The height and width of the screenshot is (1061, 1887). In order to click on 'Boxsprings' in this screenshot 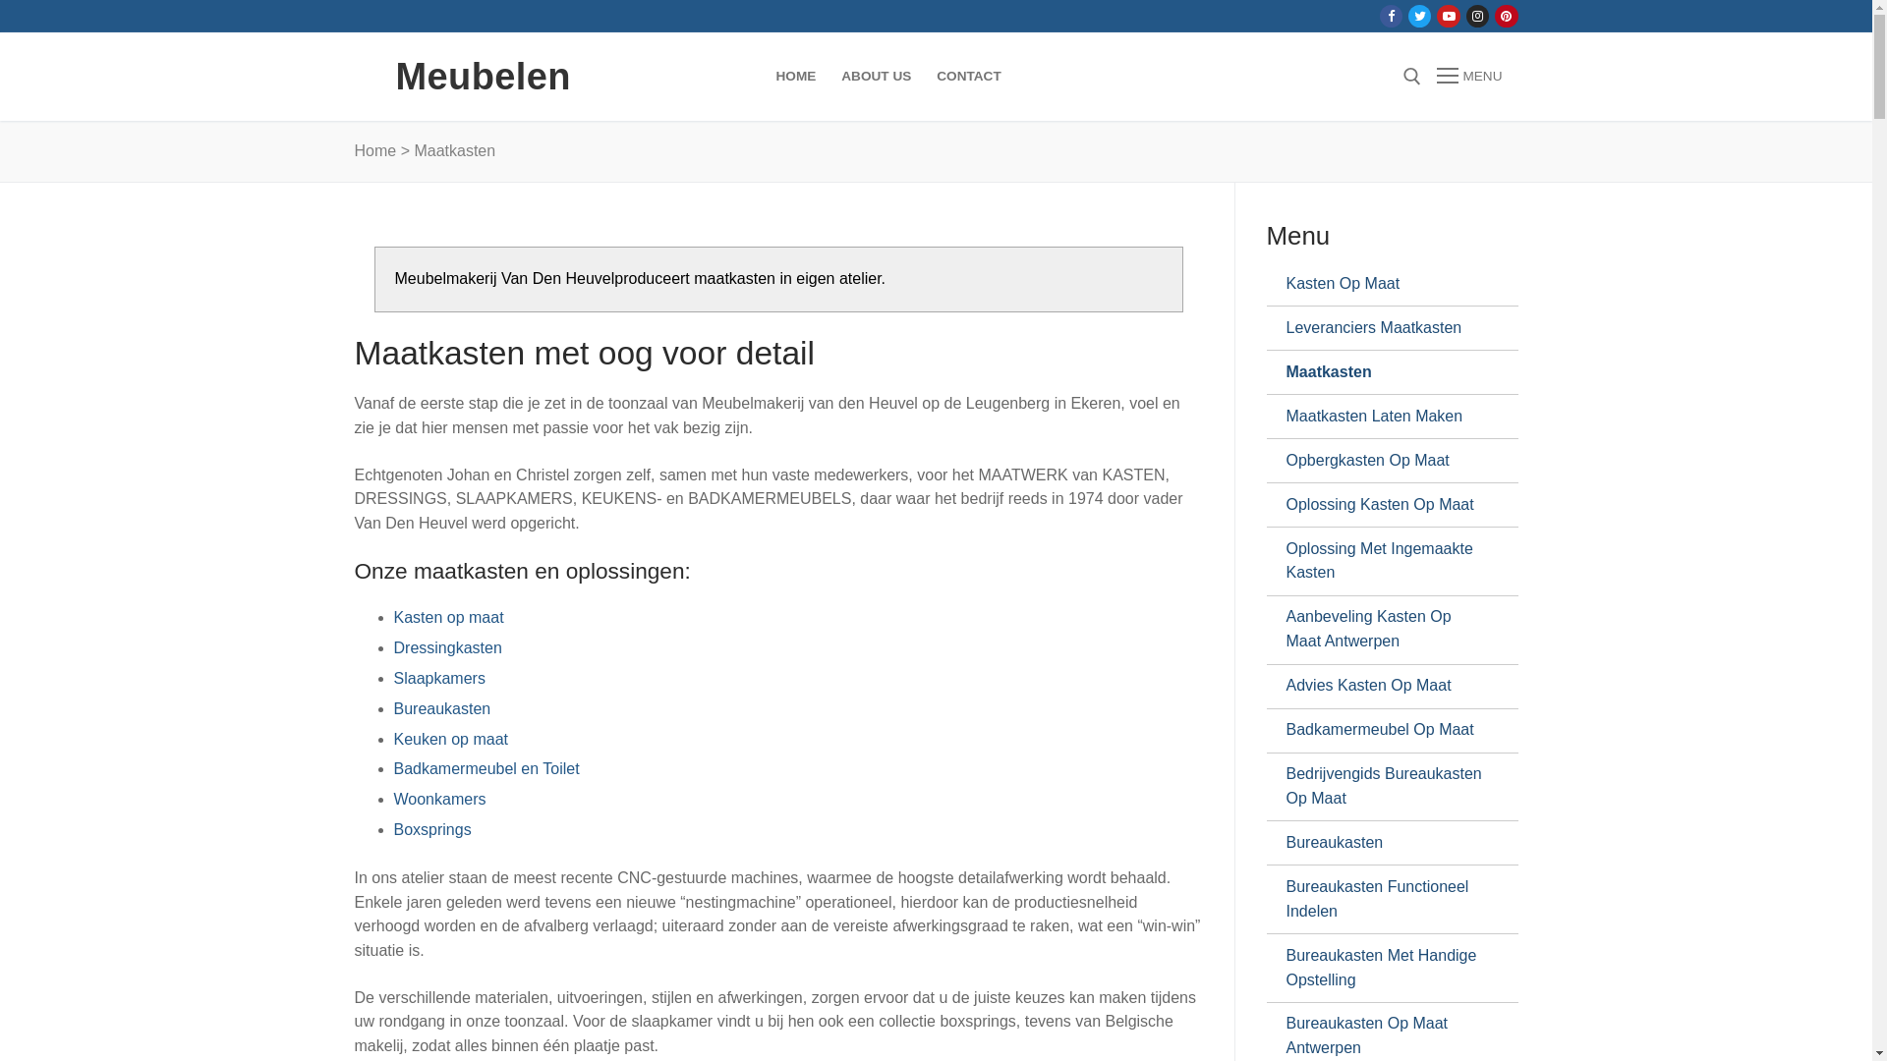, I will do `click(430, 829)`.